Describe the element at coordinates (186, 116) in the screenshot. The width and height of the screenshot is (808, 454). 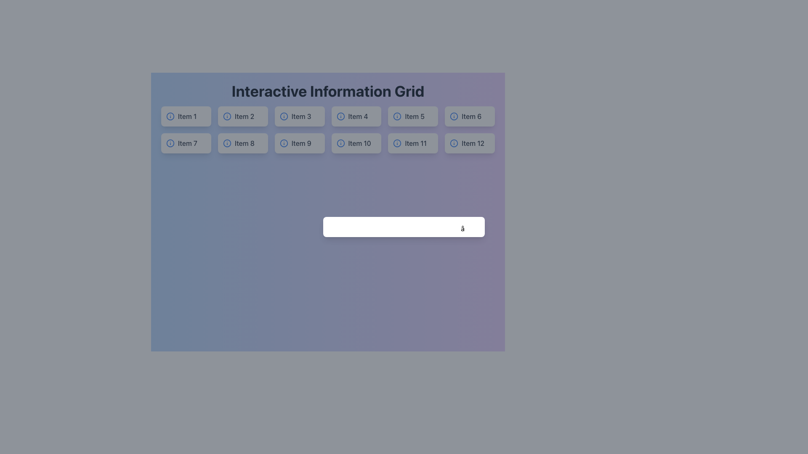
I see `the top-left button` at that location.